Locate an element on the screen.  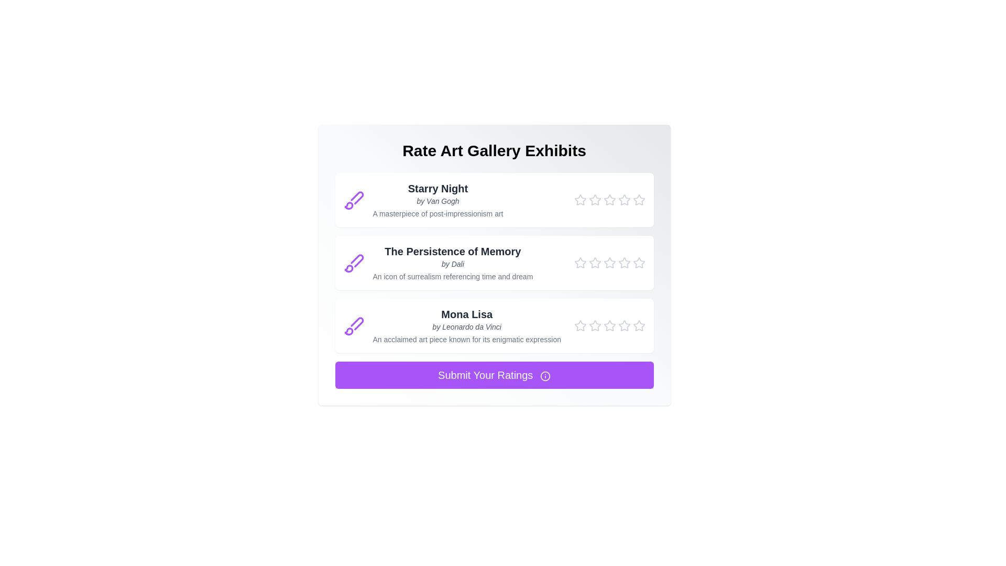
the star corresponding to 1 for the painting titled Mona Lisa to set its rating is located at coordinates (579, 325).